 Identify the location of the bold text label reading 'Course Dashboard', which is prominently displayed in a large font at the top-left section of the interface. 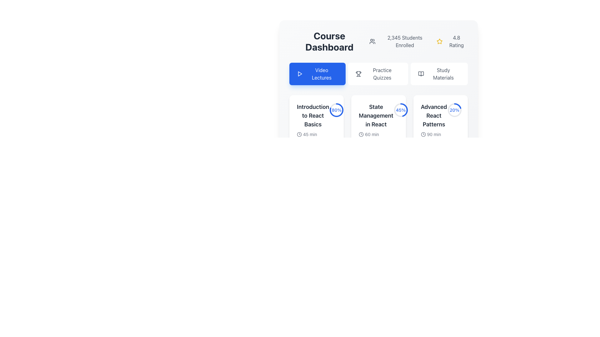
(329, 41).